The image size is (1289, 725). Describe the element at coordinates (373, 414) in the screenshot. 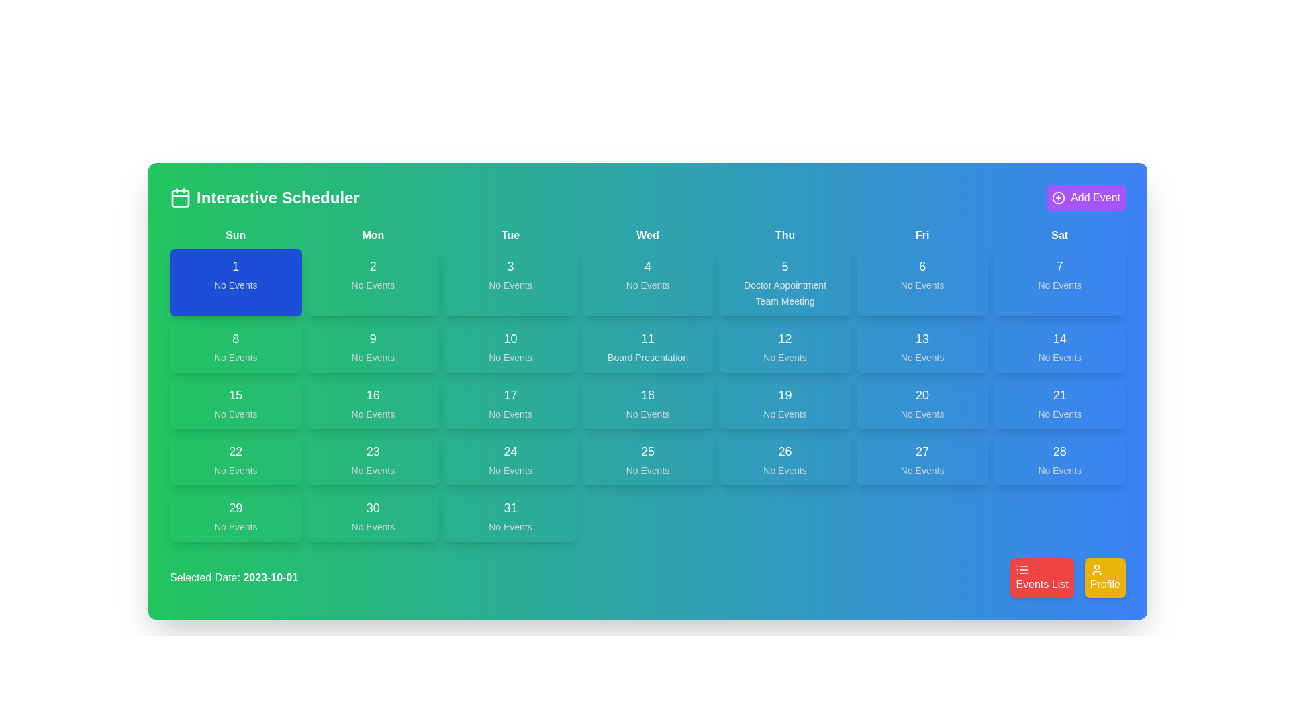

I see `the static text label that indicates no events are scheduled for the corresponding date, located in the fourth column and third row of the calendar grid, directly below the '16' text` at that location.